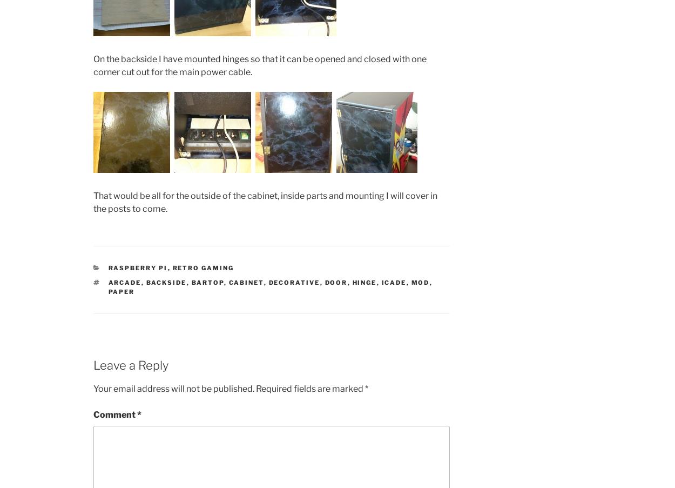  Describe the element at coordinates (130, 364) in the screenshot. I see `'Leave a Reply'` at that location.